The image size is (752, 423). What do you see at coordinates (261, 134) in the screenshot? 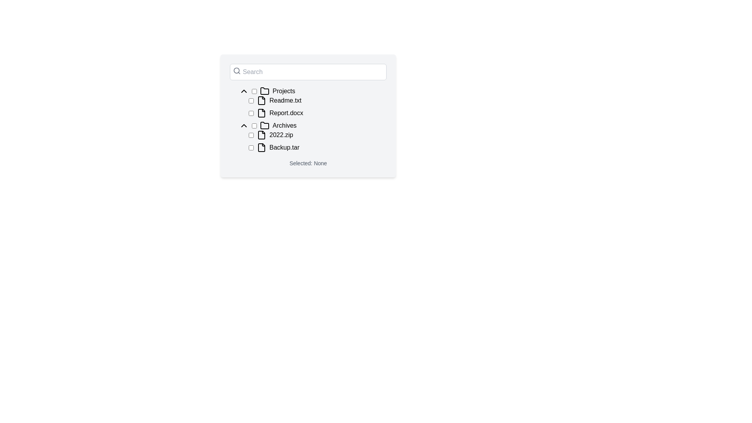
I see `the static graphical icon resembling a document or file, which is located next to the text label '2022.zip' under the 'Archives' directory` at bounding box center [261, 134].